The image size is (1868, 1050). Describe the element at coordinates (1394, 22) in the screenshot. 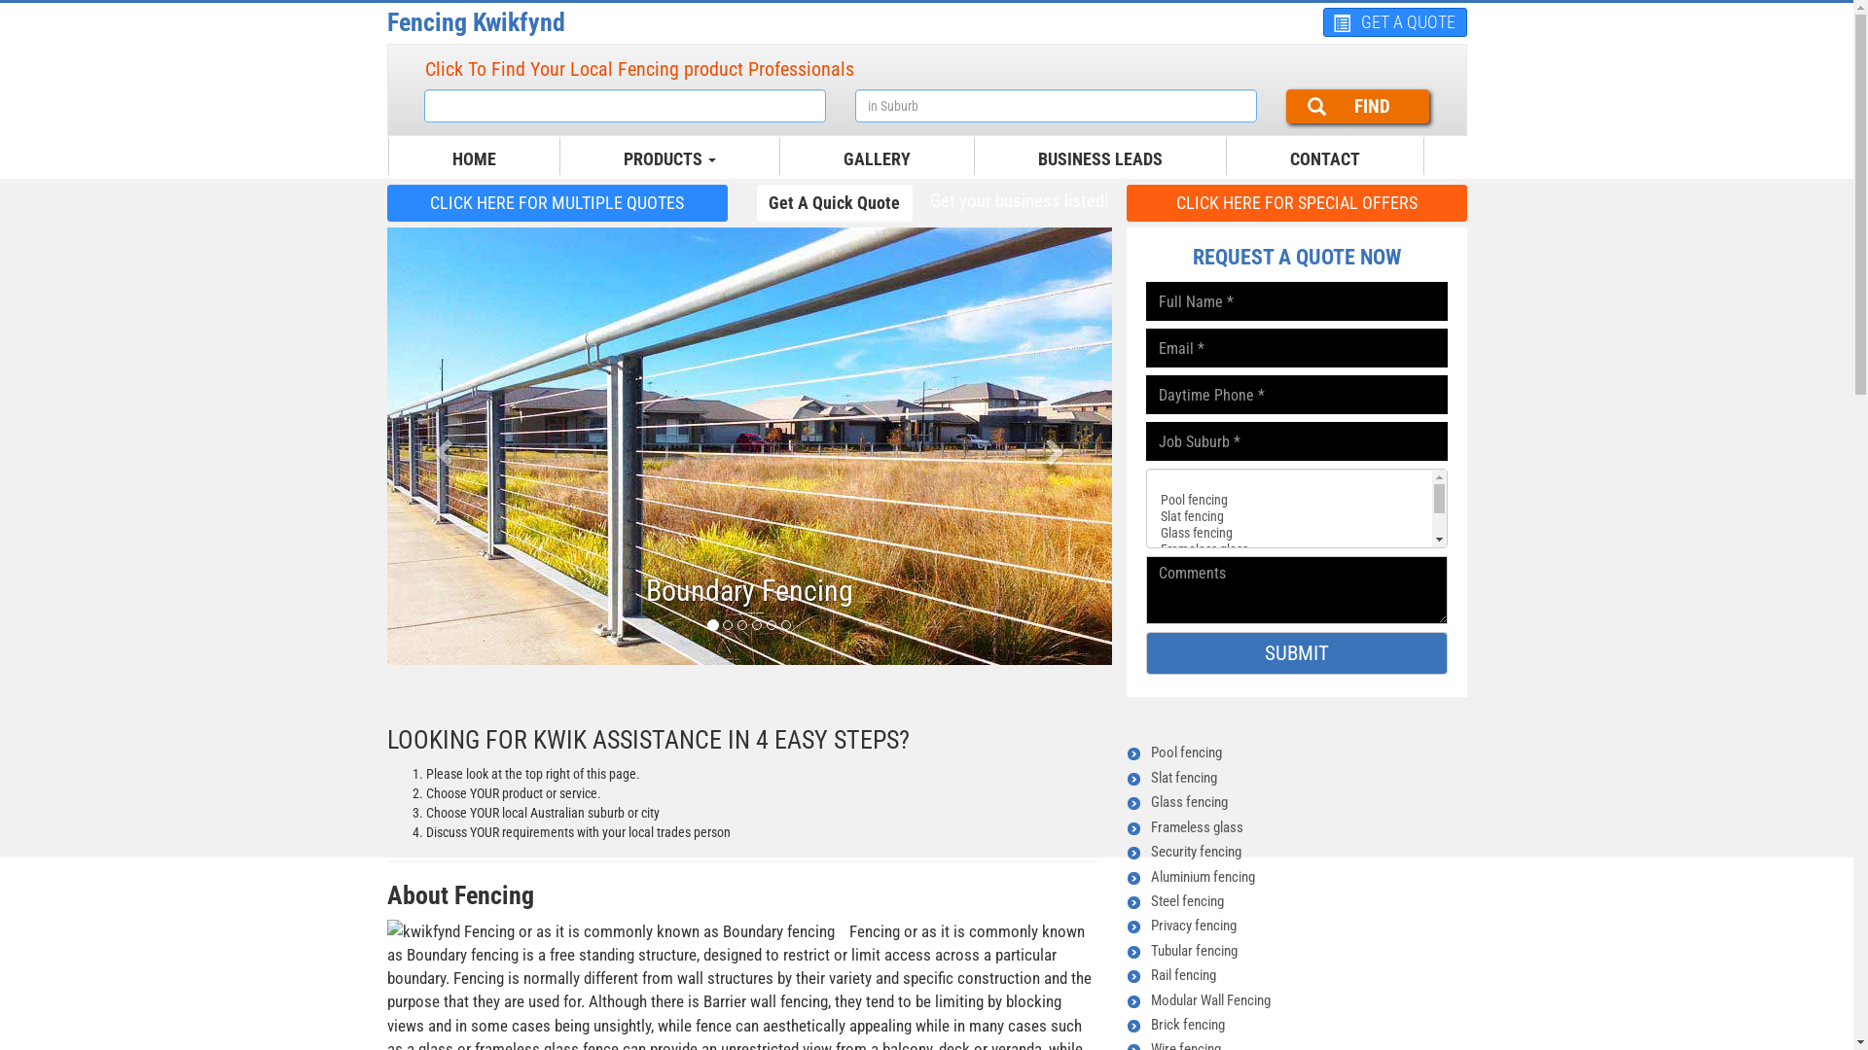

I see `'GET A QUOTE'` at that location.